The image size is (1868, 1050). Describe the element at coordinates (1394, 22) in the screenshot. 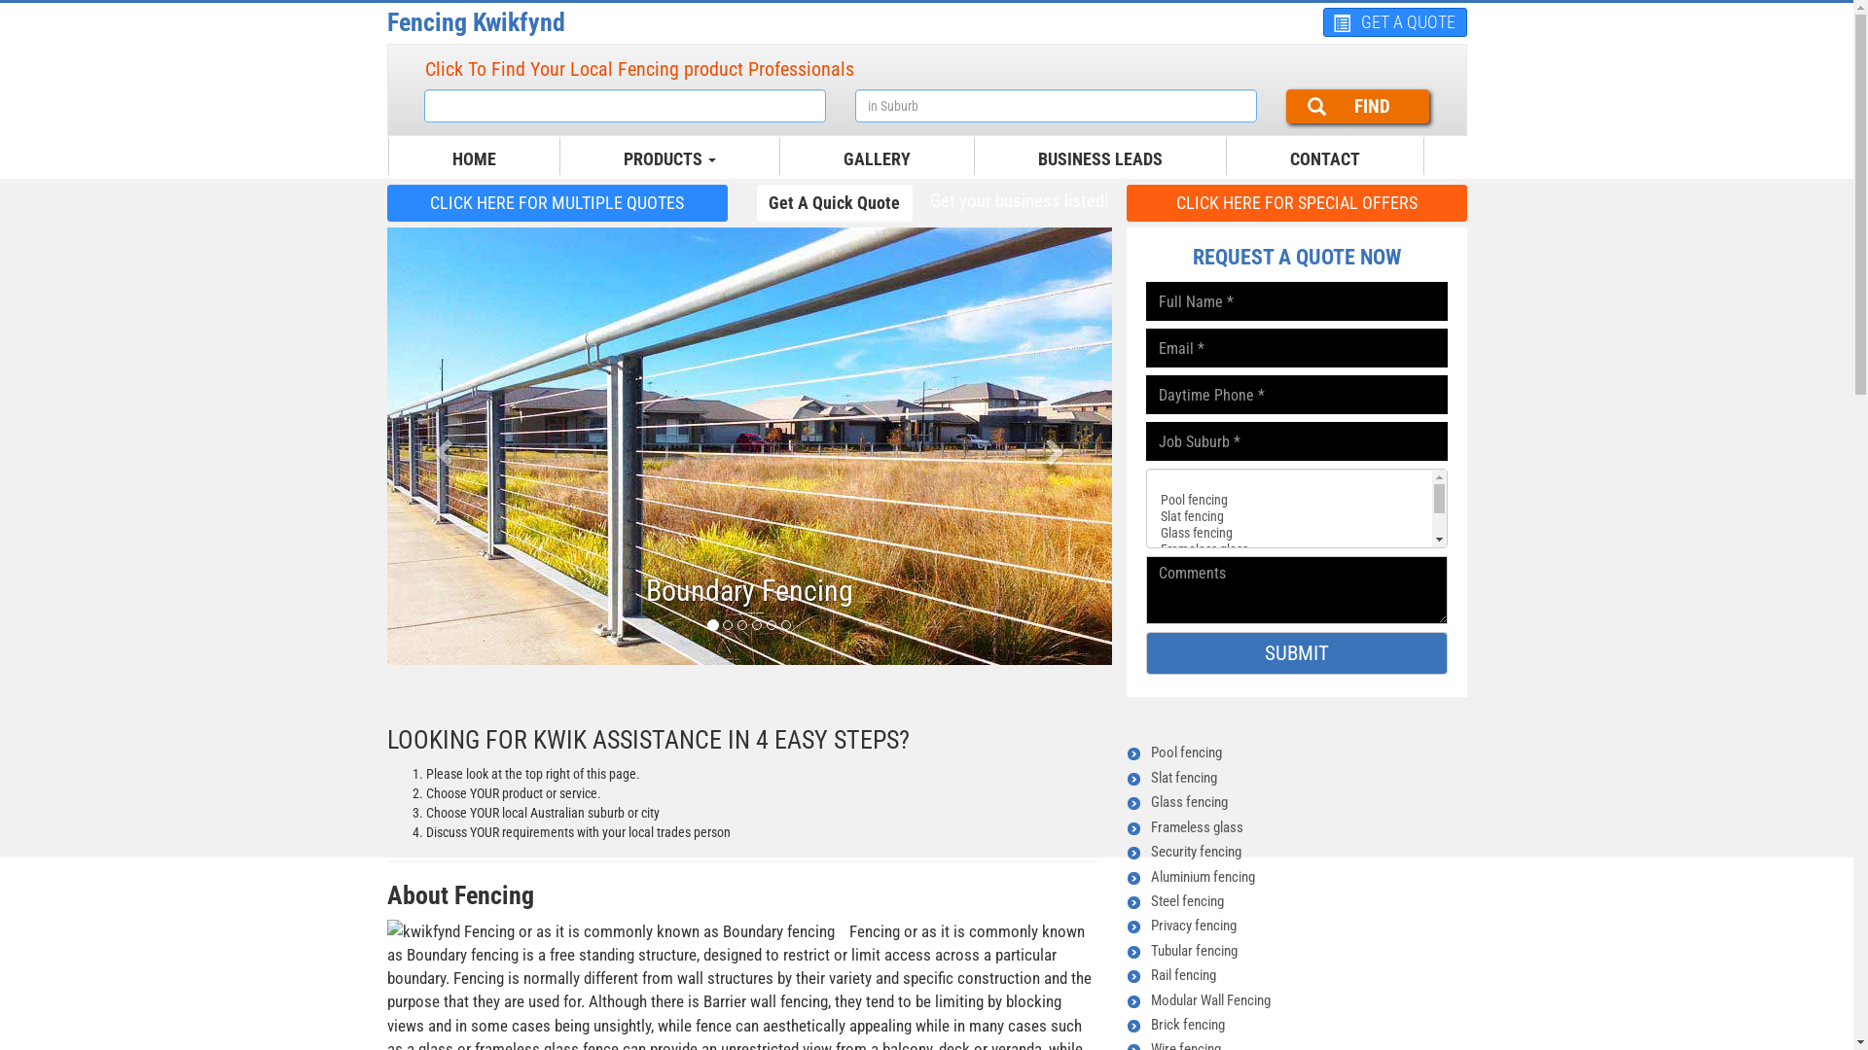

I see `'GET A QUOTE'` at that location.